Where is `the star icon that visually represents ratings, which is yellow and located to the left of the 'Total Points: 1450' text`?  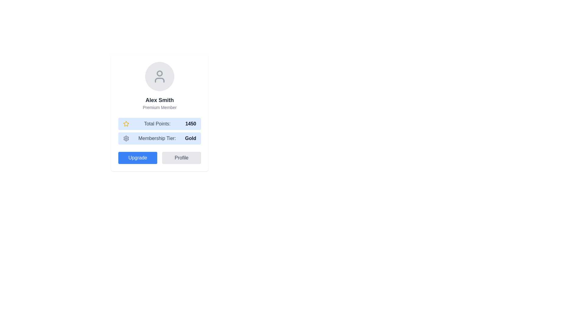
the star icon that visually represents ratings, which is yellow and located to the left of the 'Total Points: 1450' text is located at coordinates (126, 123).